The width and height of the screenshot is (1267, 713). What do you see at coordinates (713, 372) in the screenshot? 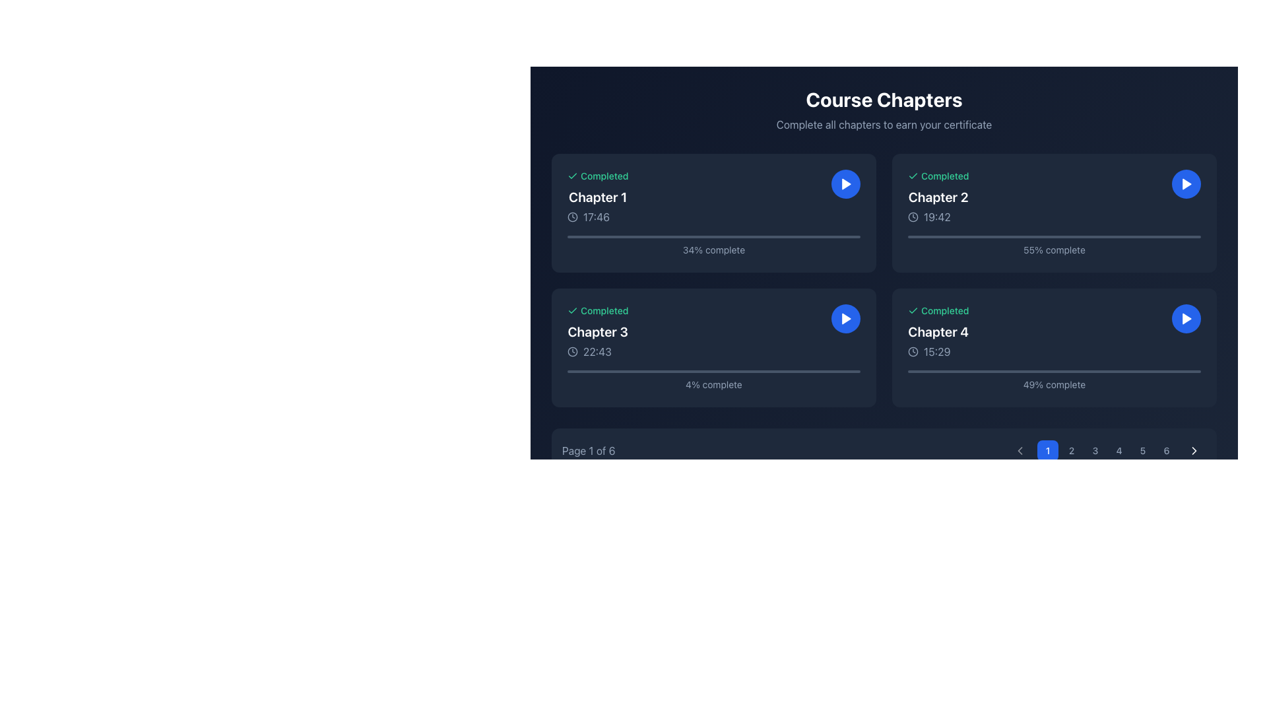
I see `the progress bar indicating the completion of 'Chapter 3', located under '4% complete' text` at bounding box center [713, 372].